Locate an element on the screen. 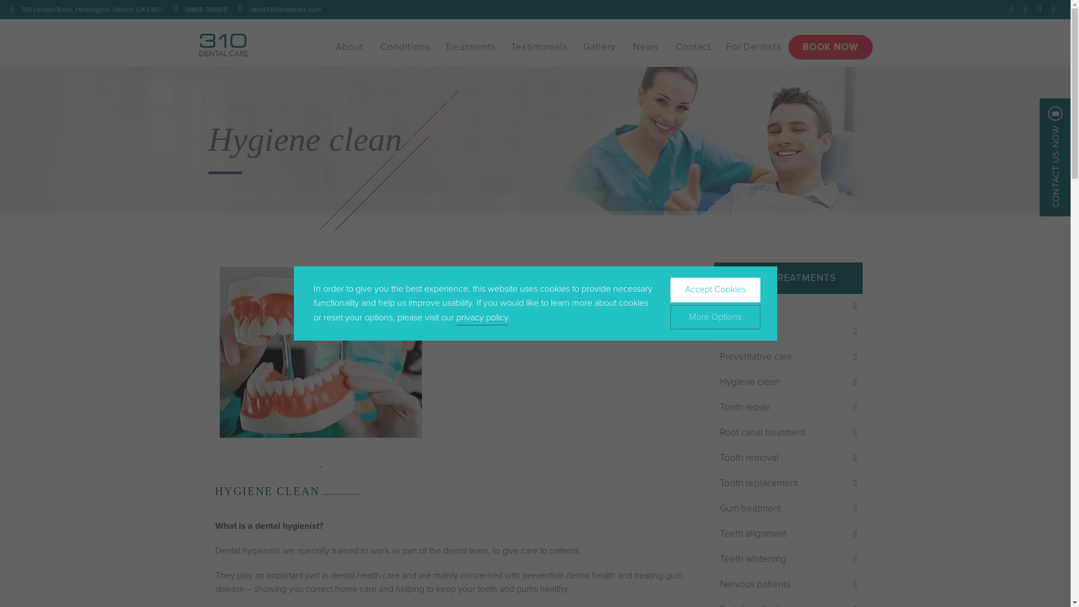 The width and height of the screenshot is (1079, 607). 'Tooth replacement' is located at coordinates (787, 483).